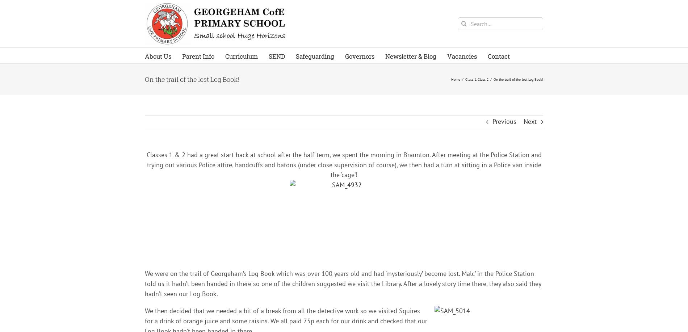 The image size is (688, 332). What do you see at coordinates (232, 200) in the screenshot?
I see `'Remote Learning Plan'` at bounding box center [232, 200].